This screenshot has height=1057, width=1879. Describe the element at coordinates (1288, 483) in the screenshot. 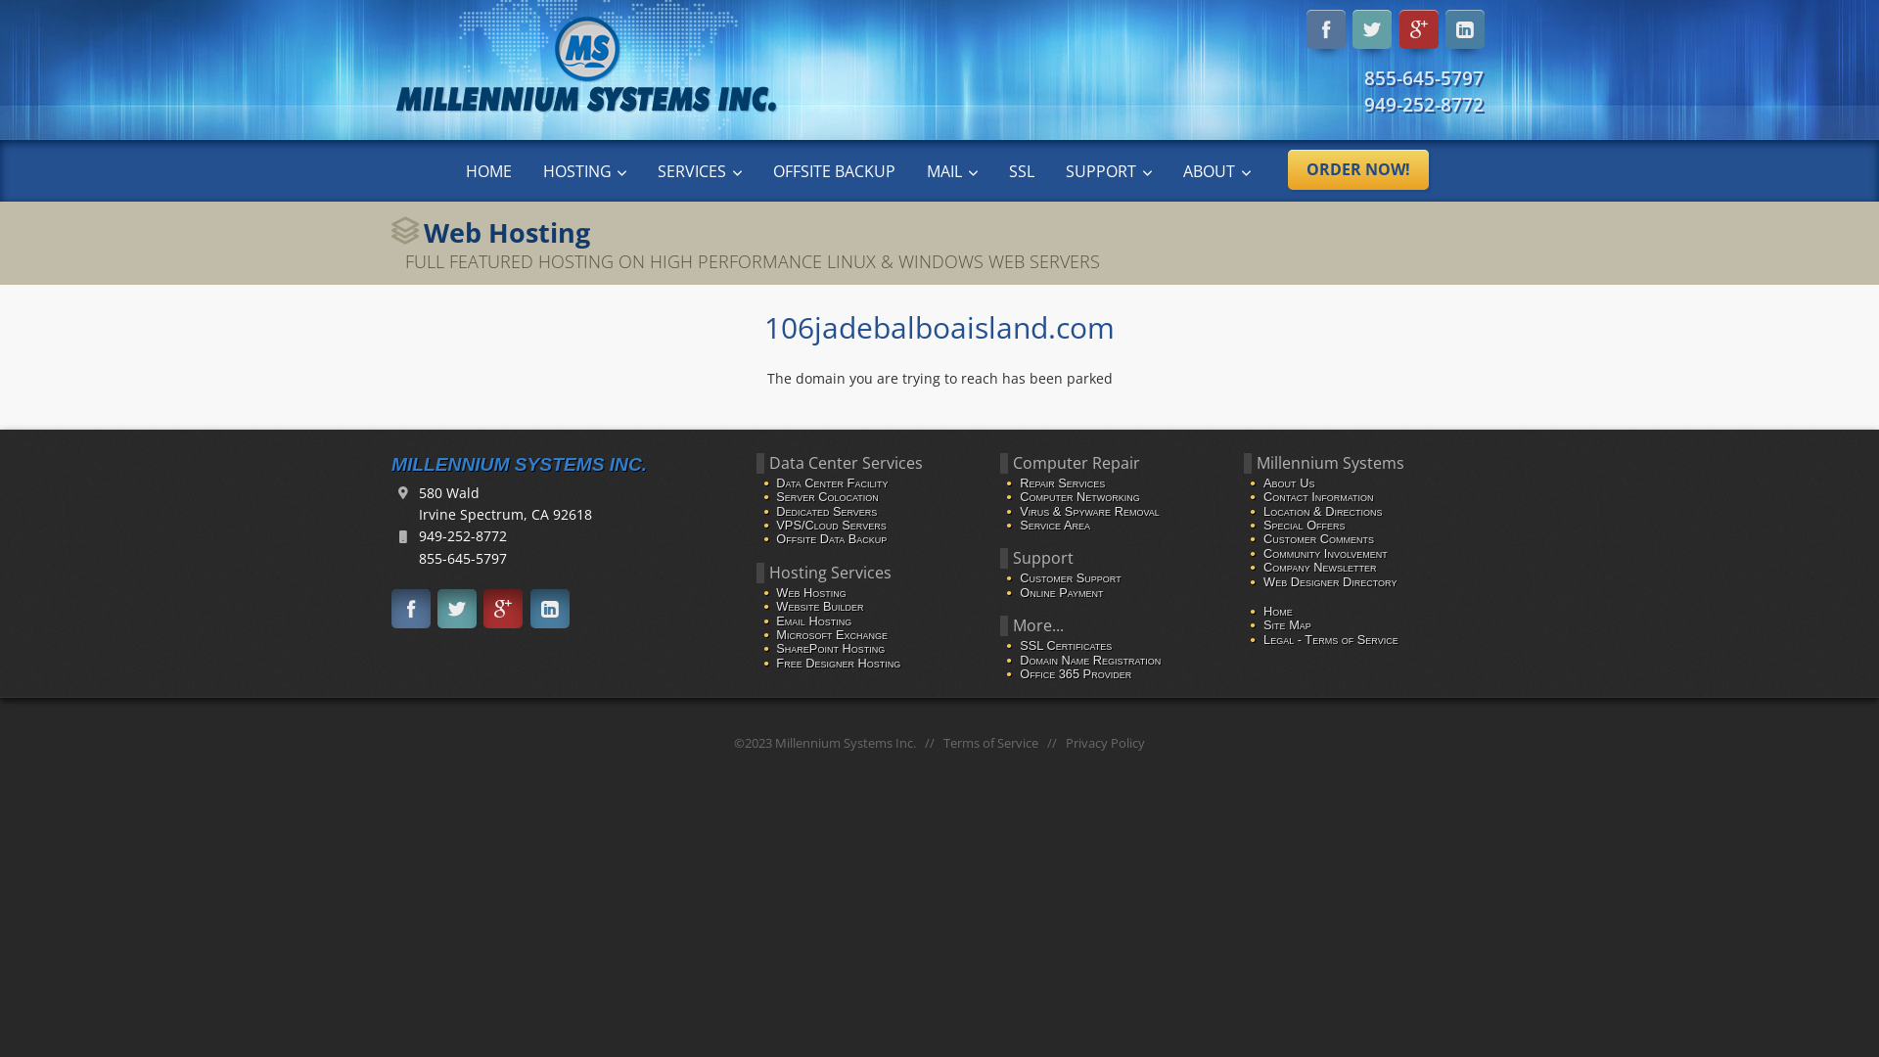

I see `'About Us'` at that location.